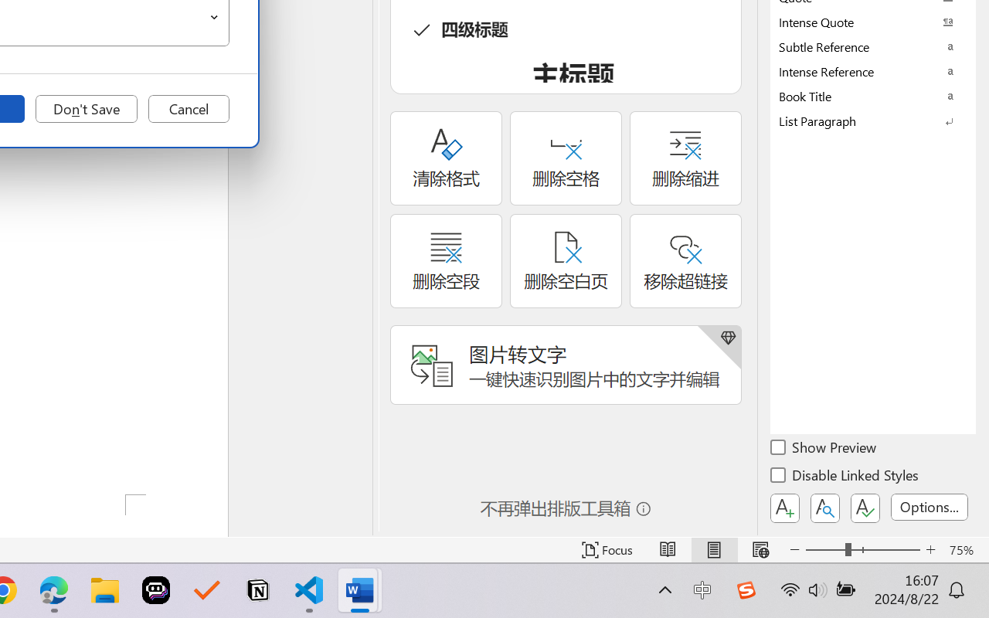 The height and width of the screenshot is (618, 989). I want to click on 'Poe', so click(156, 590).